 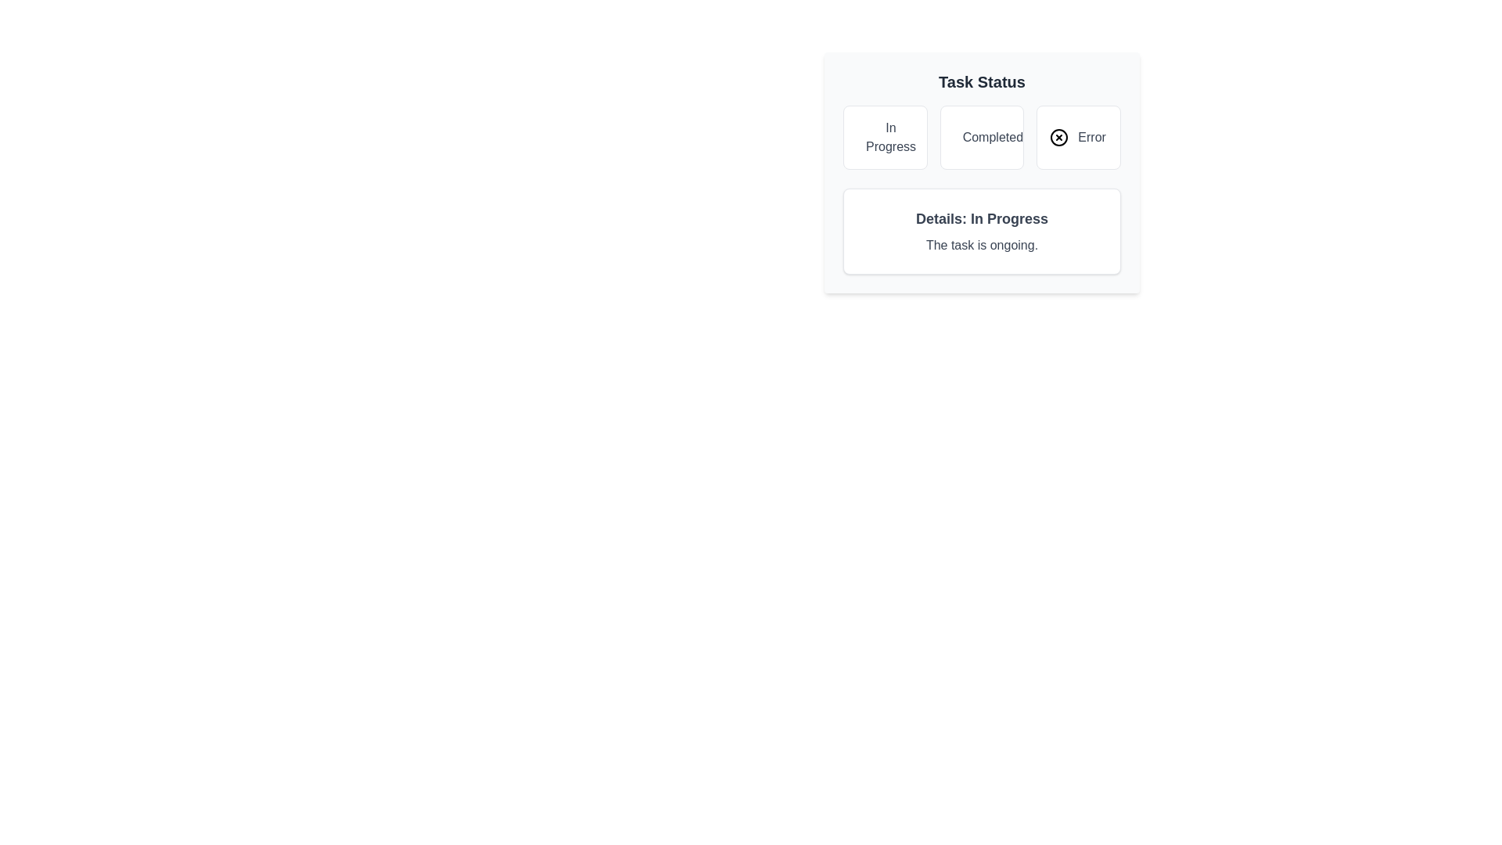 I want to click on the checkmark symbol within the SVG graphic, which is styled with a green stroke and located in the top center of the card-like UI section near the 'Completed' label, so click(x=965, y=135).